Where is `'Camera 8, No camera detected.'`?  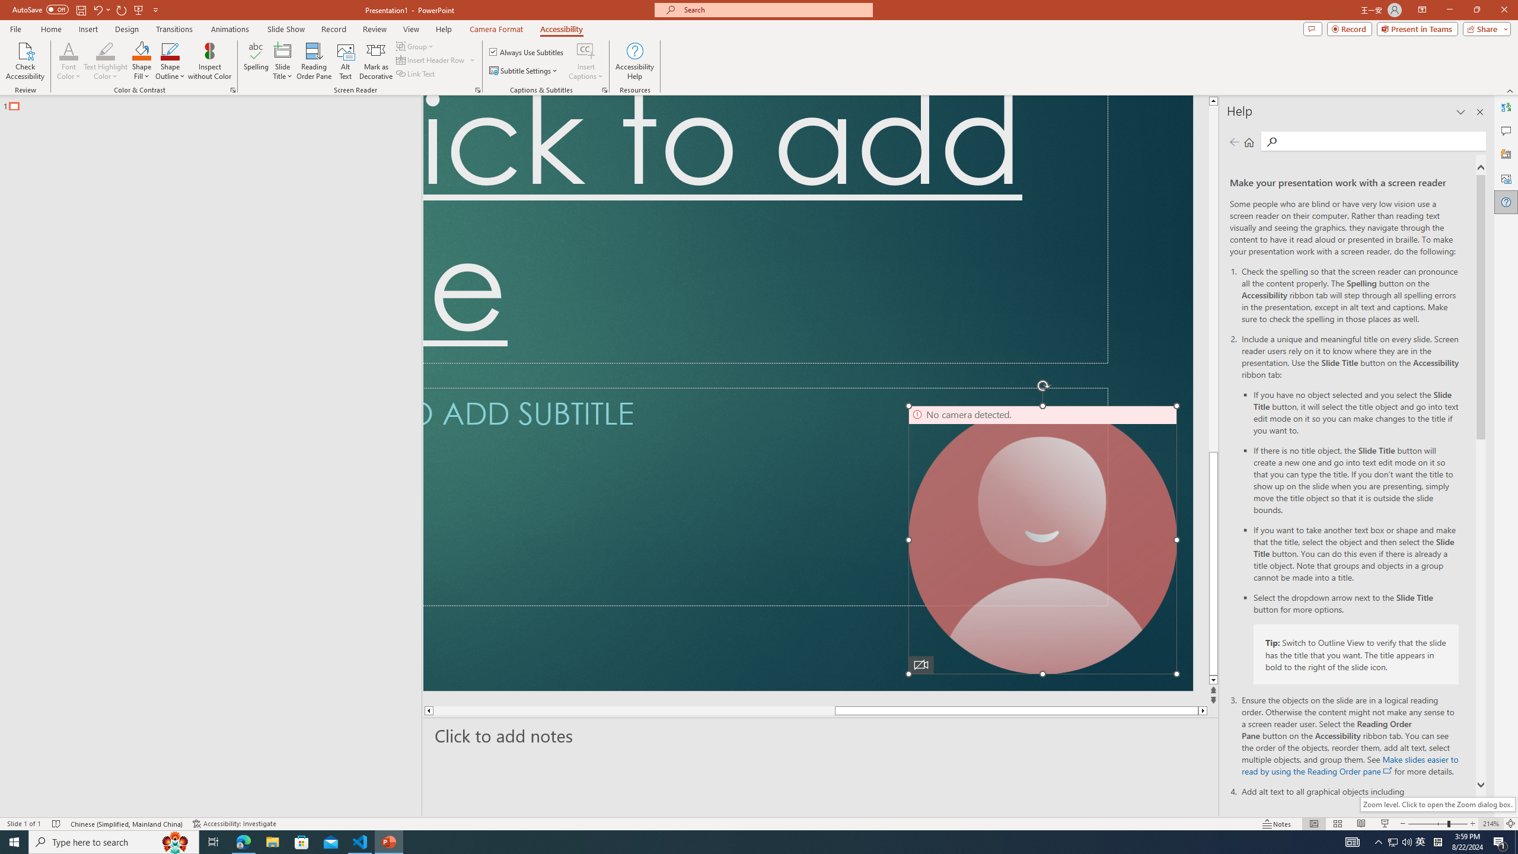
'Camera 8, No camera detected.' is located at coordinates (1042, 539).